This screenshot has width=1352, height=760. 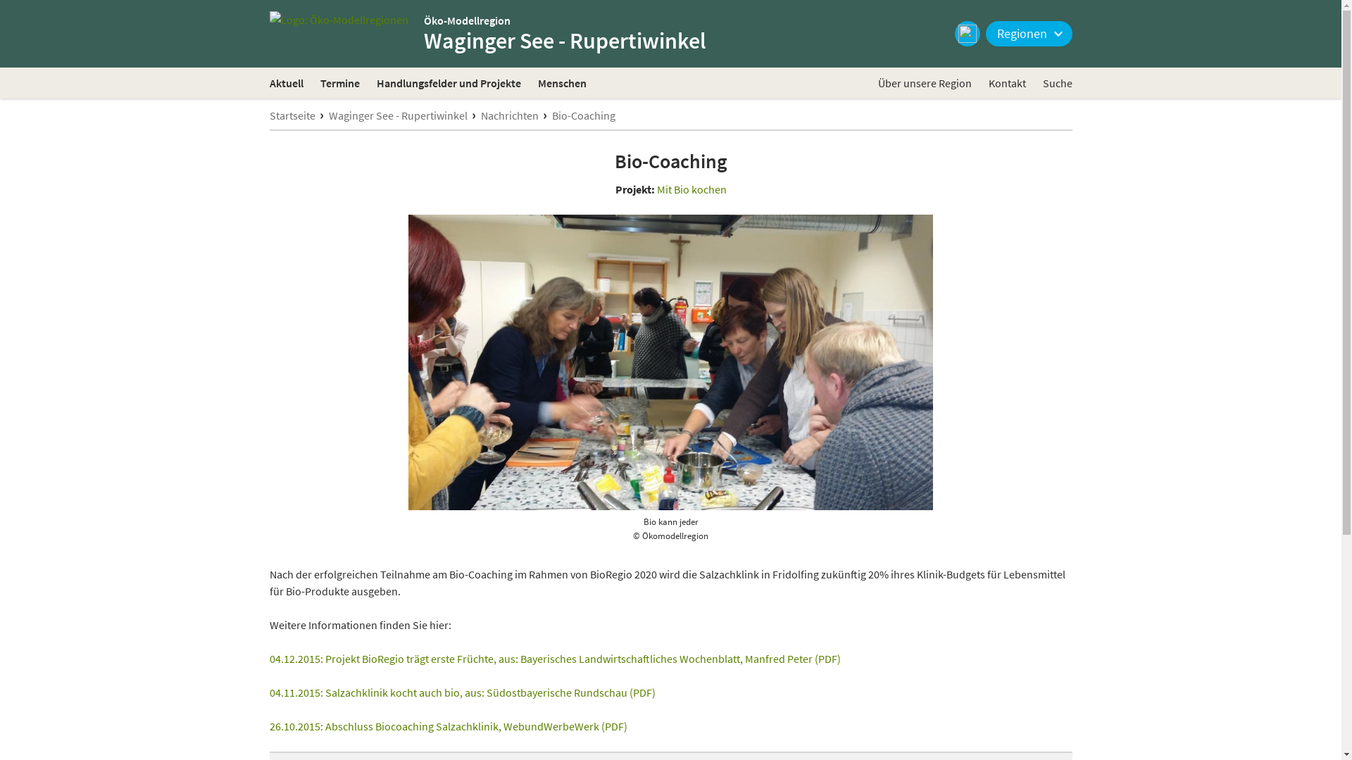 I want to click on 'Mit Bio kochen', so click(x=691, y=189).